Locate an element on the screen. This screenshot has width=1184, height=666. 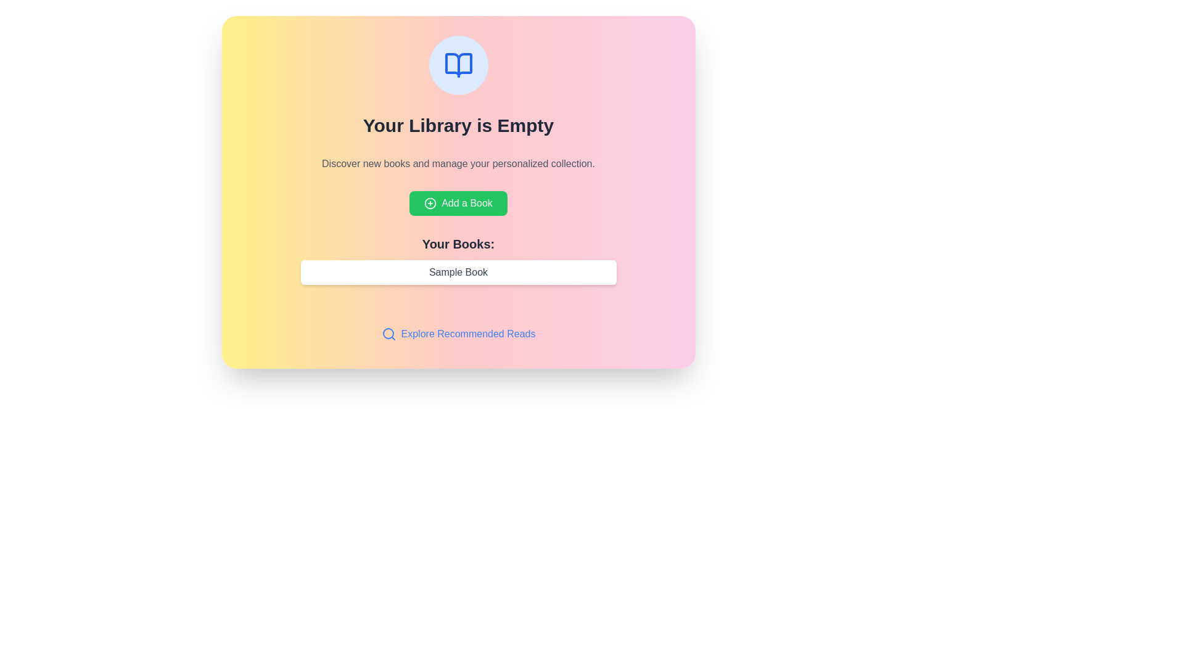
the decorative library icon located above the text 'Your Library is Empty' is located at coordinates (458, 65).